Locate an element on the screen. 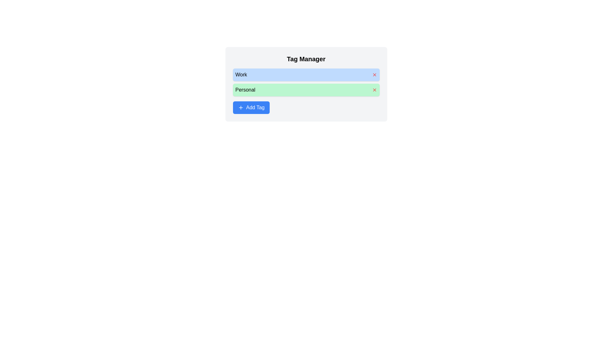  the 'Personal' tag item in the Tag Manager section, which is the second selectable item below the 'Work' button is located at coordinates (306, 90).